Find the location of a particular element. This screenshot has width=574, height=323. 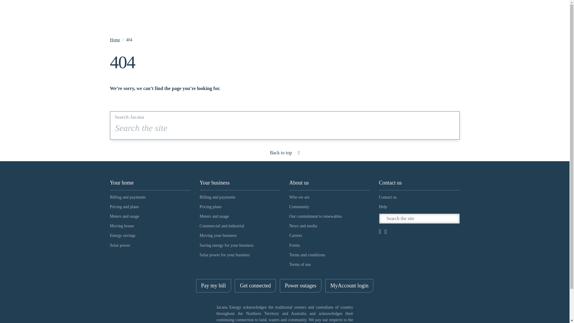

'News and media' is located at coordinates (329, 227).